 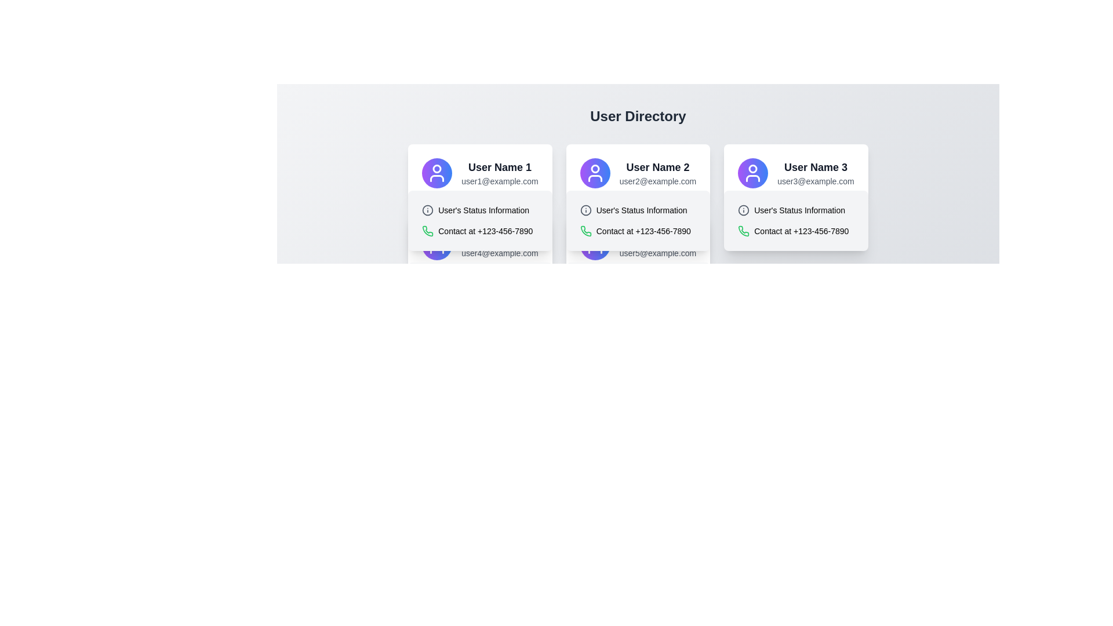 What do you see at coordinates (485, 231) in the screenshot?
I see `the contact information text label that displays the phone number located in the middle card of a three-card layout, positioned to the right of the icon, for copying` at bounding box center [485, 231].